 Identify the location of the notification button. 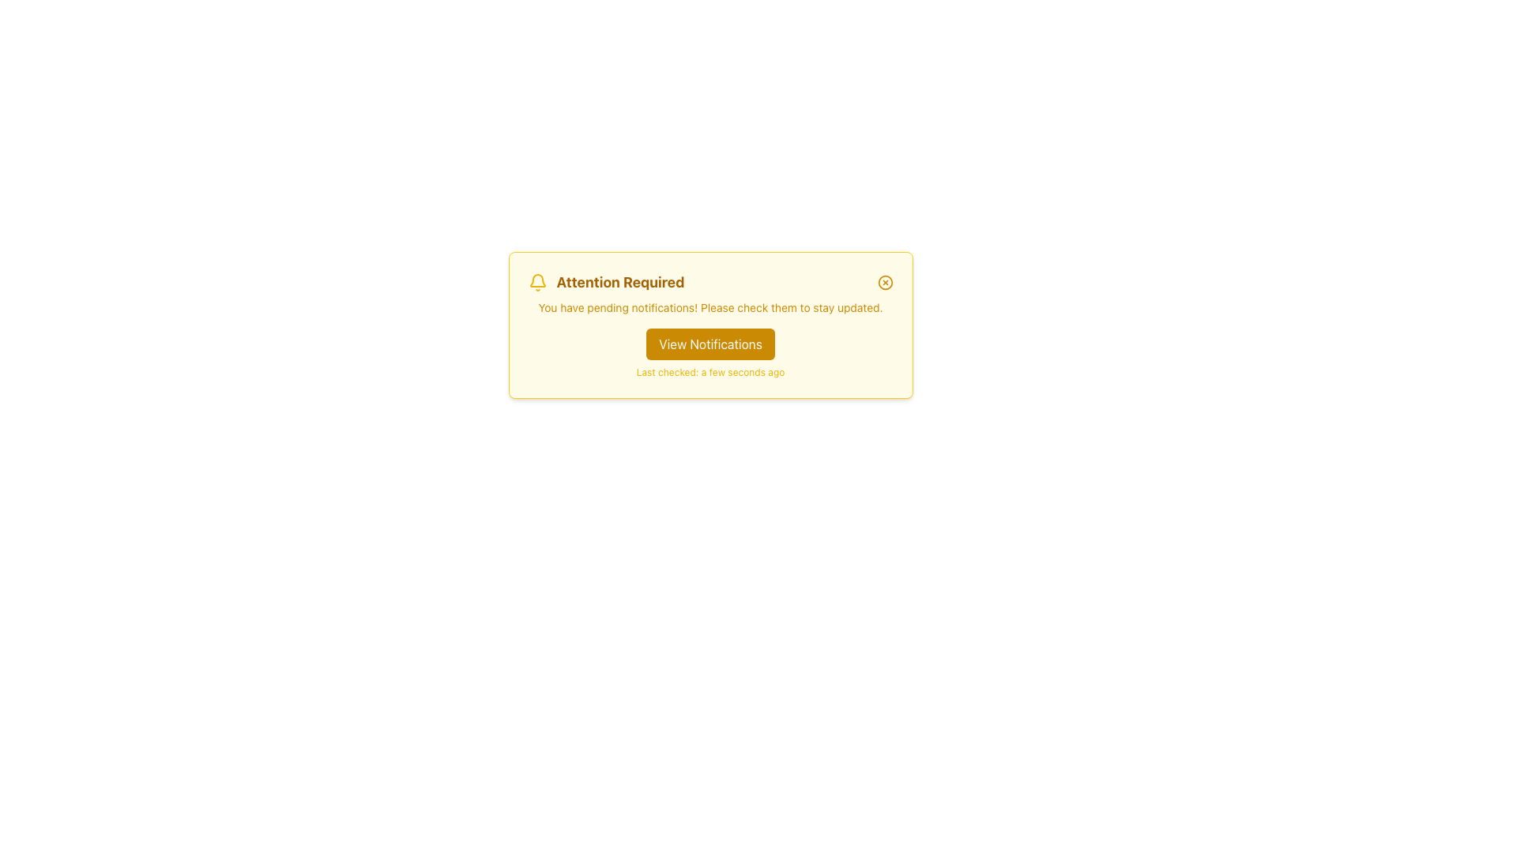
(710, 343).